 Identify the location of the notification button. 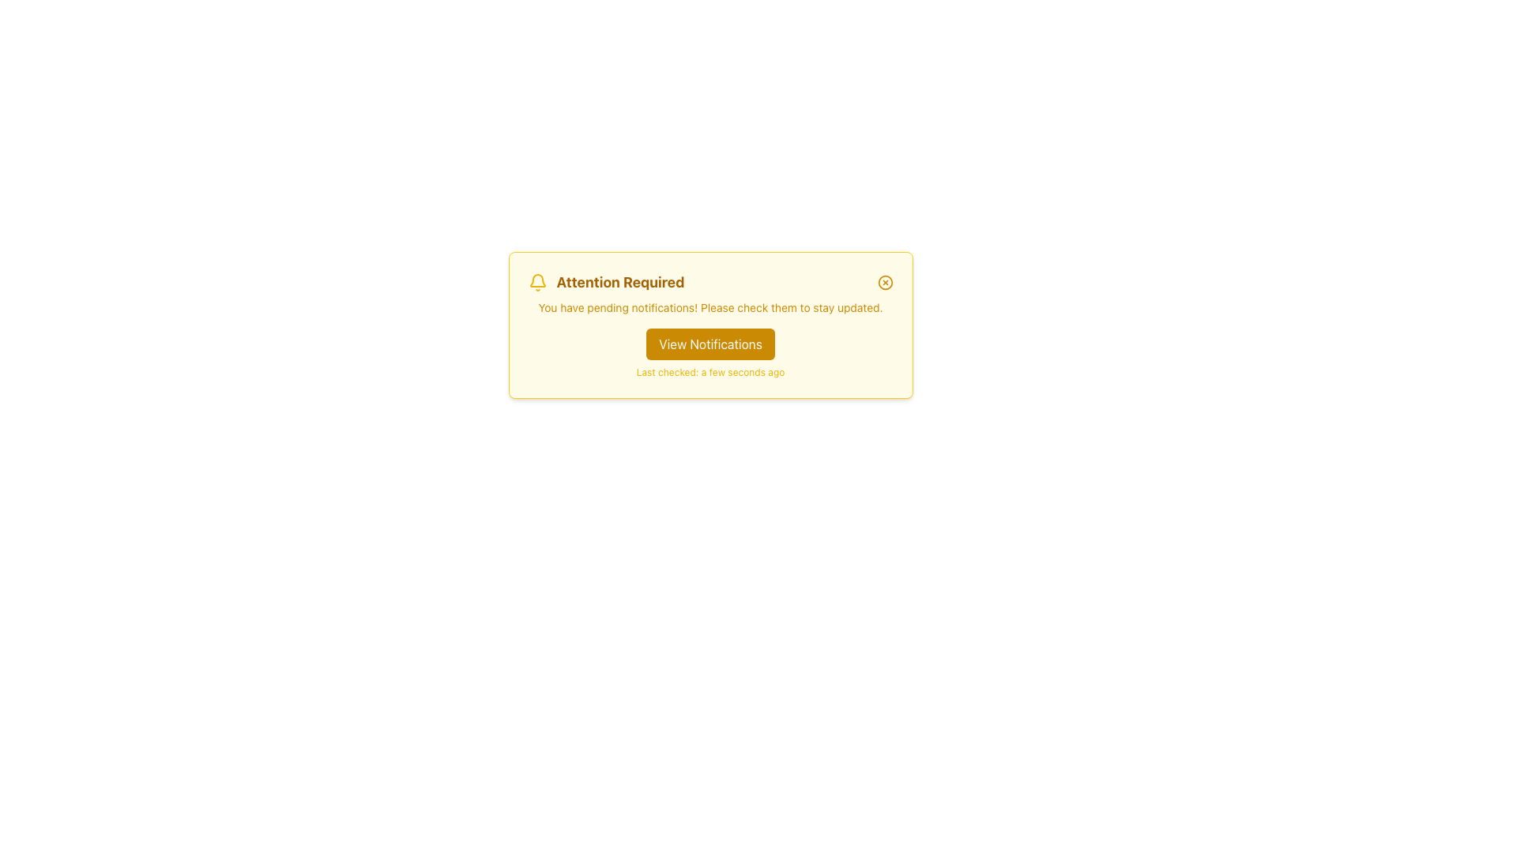
(710, 343).